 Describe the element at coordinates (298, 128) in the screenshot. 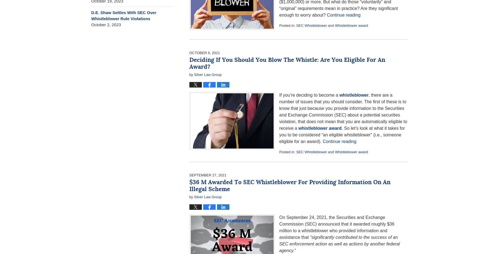

I see `'whistleblower award'` at that location.